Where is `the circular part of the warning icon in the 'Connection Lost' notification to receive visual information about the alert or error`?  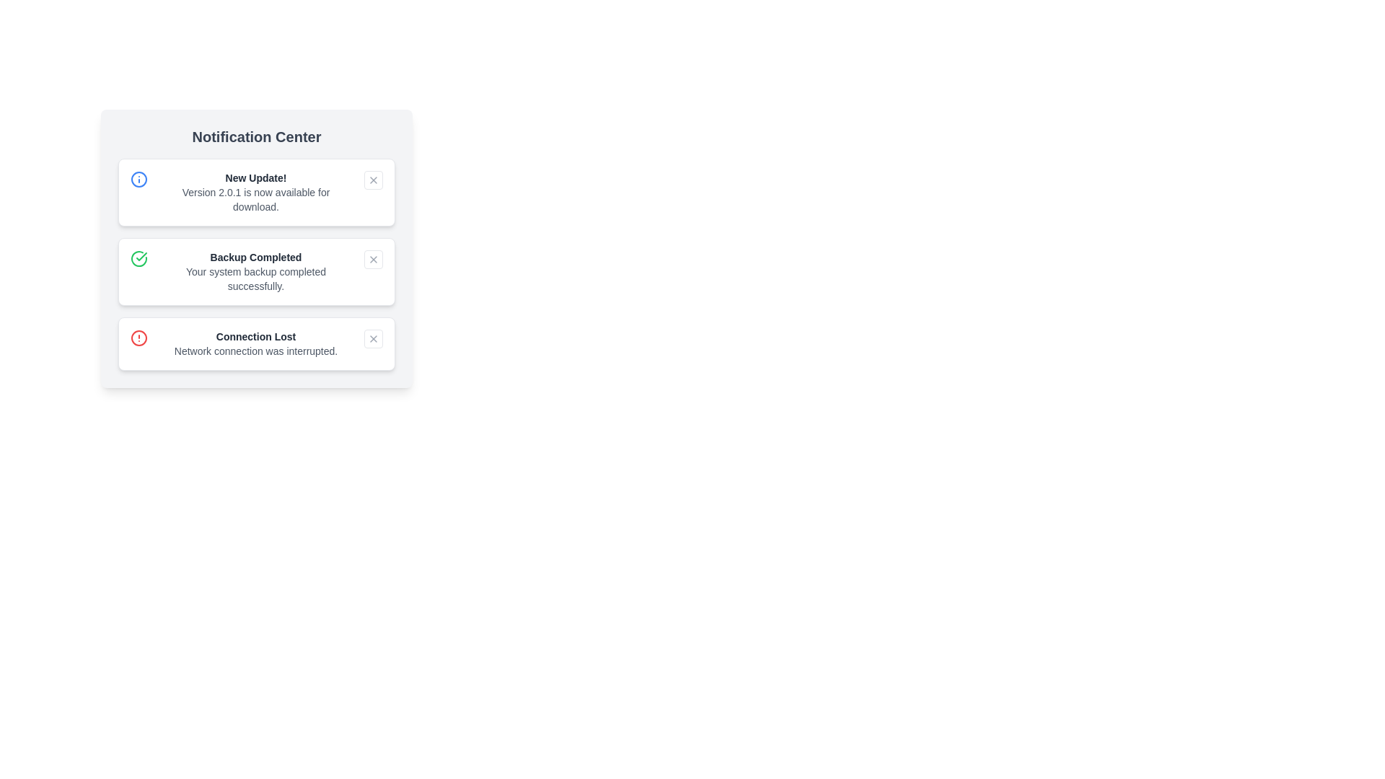 the circular part of the warning icon in the 'Connection Lost' notification to receive visual information about the alert or error is located at coordinates (138, 338).